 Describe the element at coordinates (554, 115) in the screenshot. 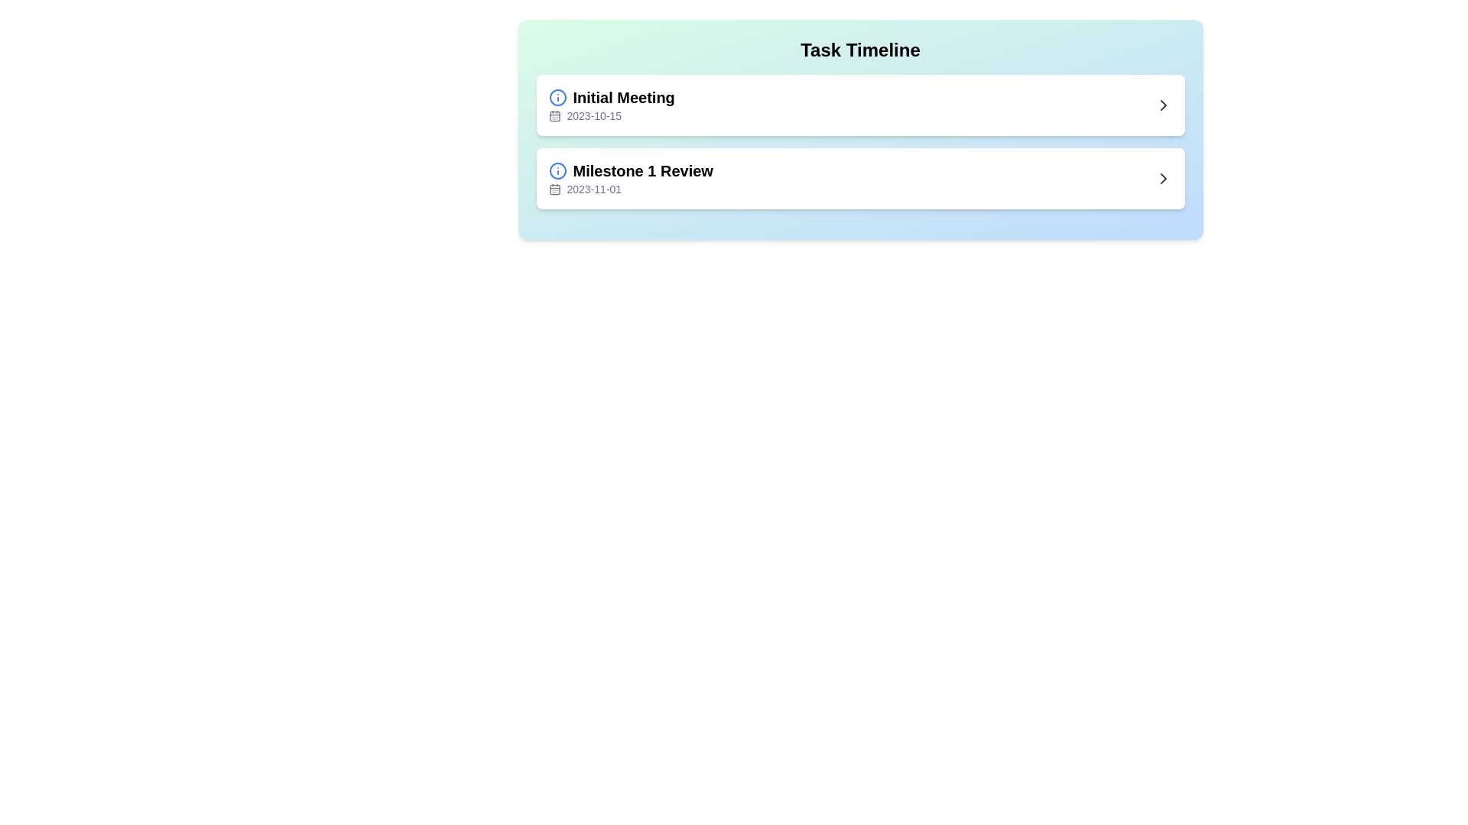

I see `the calendar icon with rounded corners located in the left section of the Initial Meeting entry within the Task Timeline list` at that location.